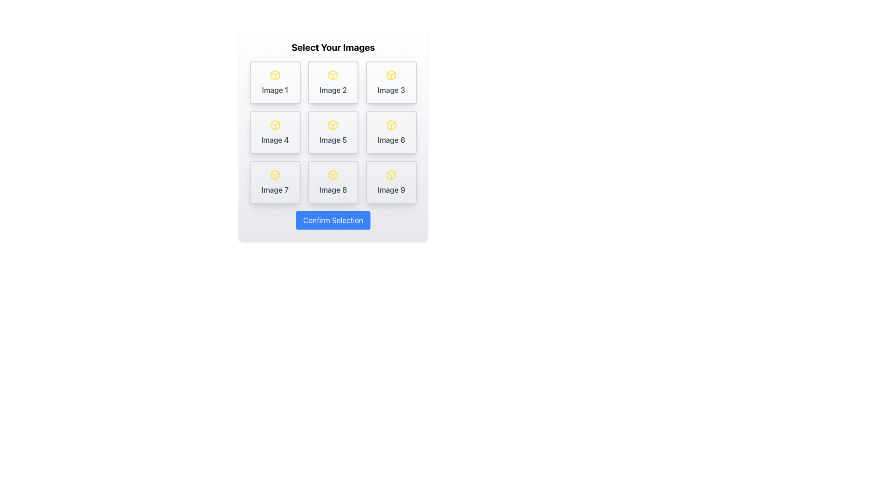 The width and height of the screenshot is (888, 499). Describe the element at coordinates (391, 74) in the screenshot. I see `the yellow cube icon with a hollow center, labeled 'Image 3'` at that location.